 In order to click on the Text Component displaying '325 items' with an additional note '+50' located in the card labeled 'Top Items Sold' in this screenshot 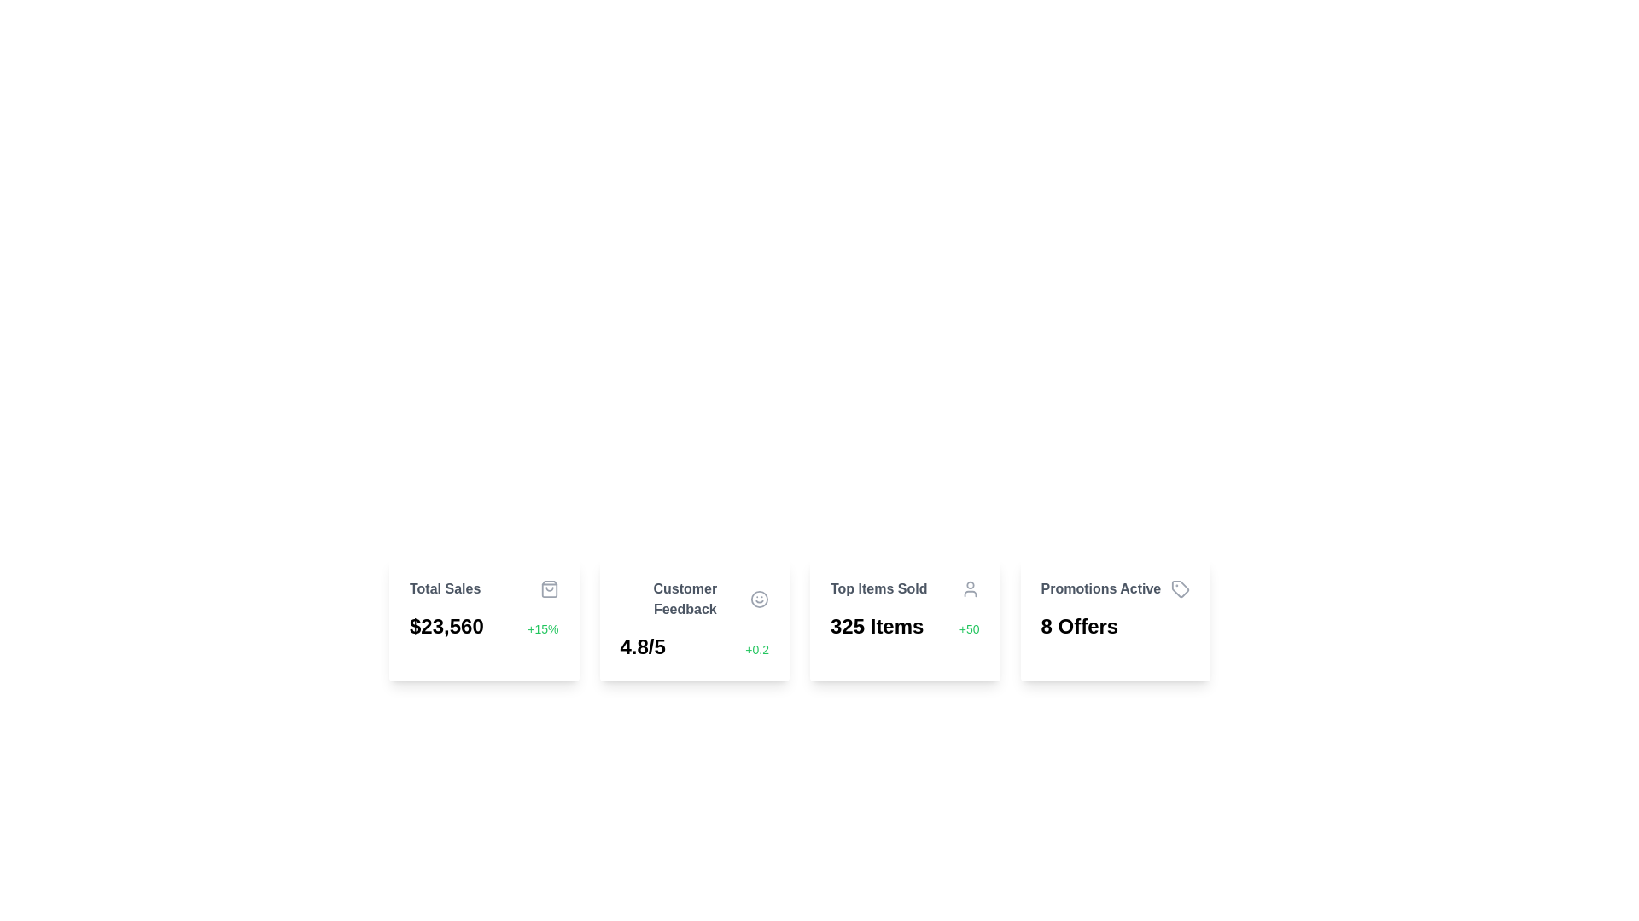, I will do `click(904, 627)`.